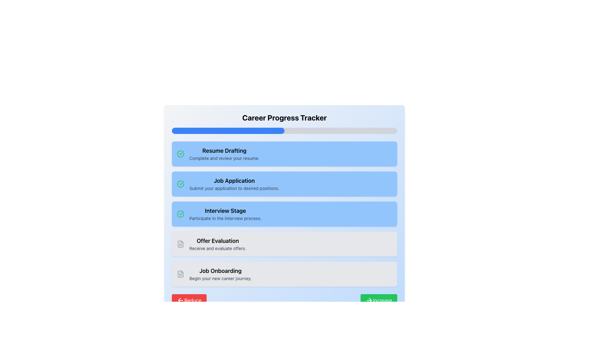  Describe the element at coordinates (284, 154) in the screenshot. I see `the informational card that indicates the progress of drafting and reviewing a resume, located at the top of the vertical list, just below the progress bar` at that location.